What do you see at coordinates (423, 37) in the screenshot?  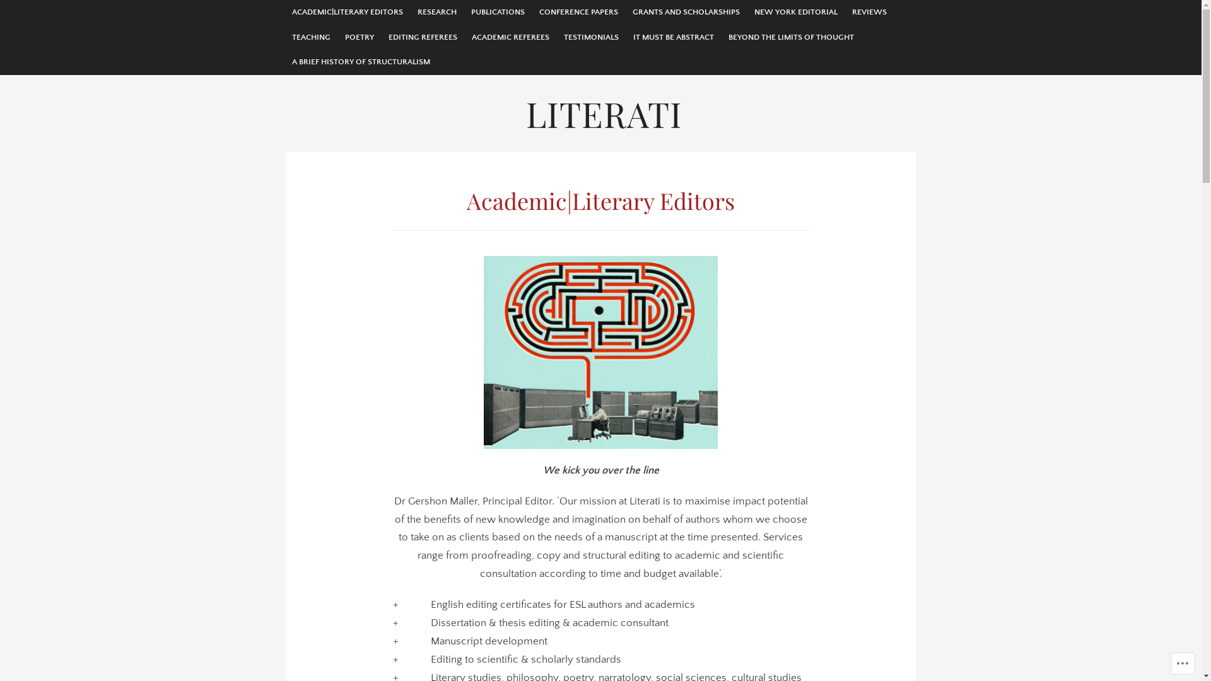 I see `'EDITING REFEREES'` at bounding box center [423, 37].